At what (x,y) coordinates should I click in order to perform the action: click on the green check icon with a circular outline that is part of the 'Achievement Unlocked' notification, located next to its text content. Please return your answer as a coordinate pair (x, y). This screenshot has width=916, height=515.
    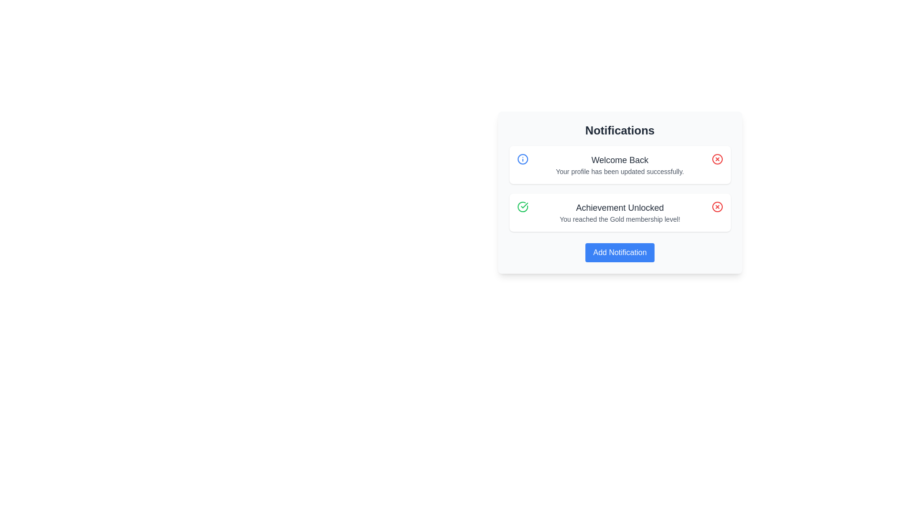
    Looking at the image, I should click on (524, 205).